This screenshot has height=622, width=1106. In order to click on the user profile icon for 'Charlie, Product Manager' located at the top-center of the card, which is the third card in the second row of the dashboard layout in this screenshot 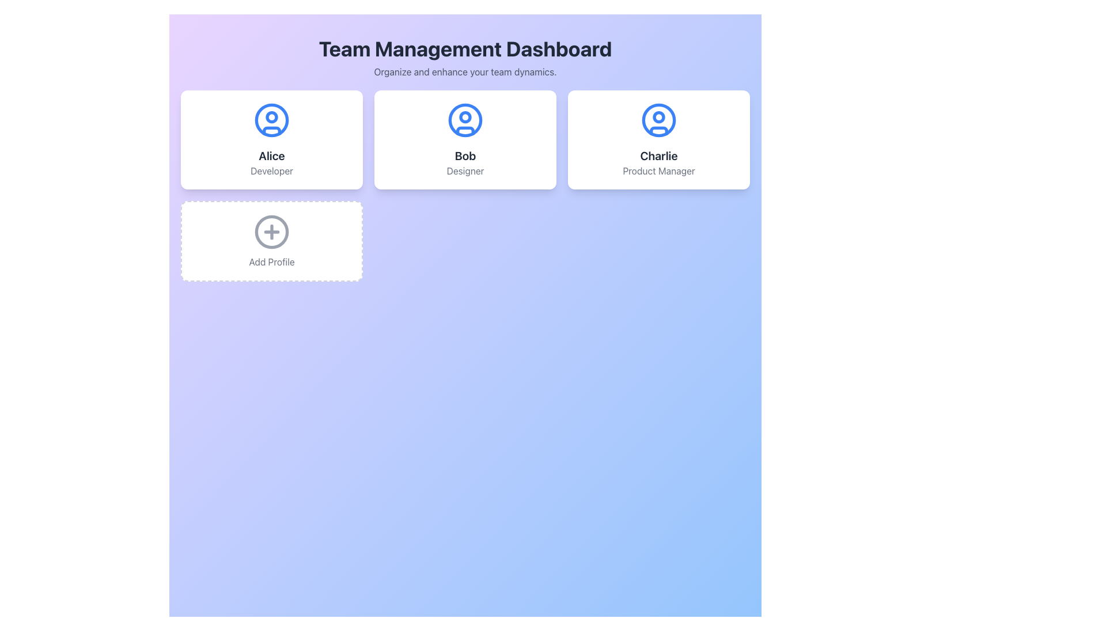, I will do `click(658, 120)`.